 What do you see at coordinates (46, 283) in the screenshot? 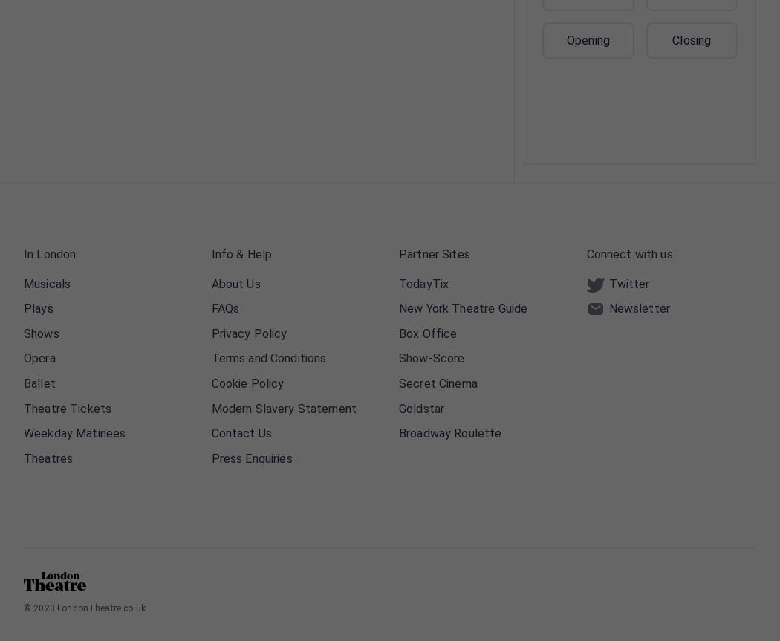
I see `'Musicals'` at bounding box center [46, 283].